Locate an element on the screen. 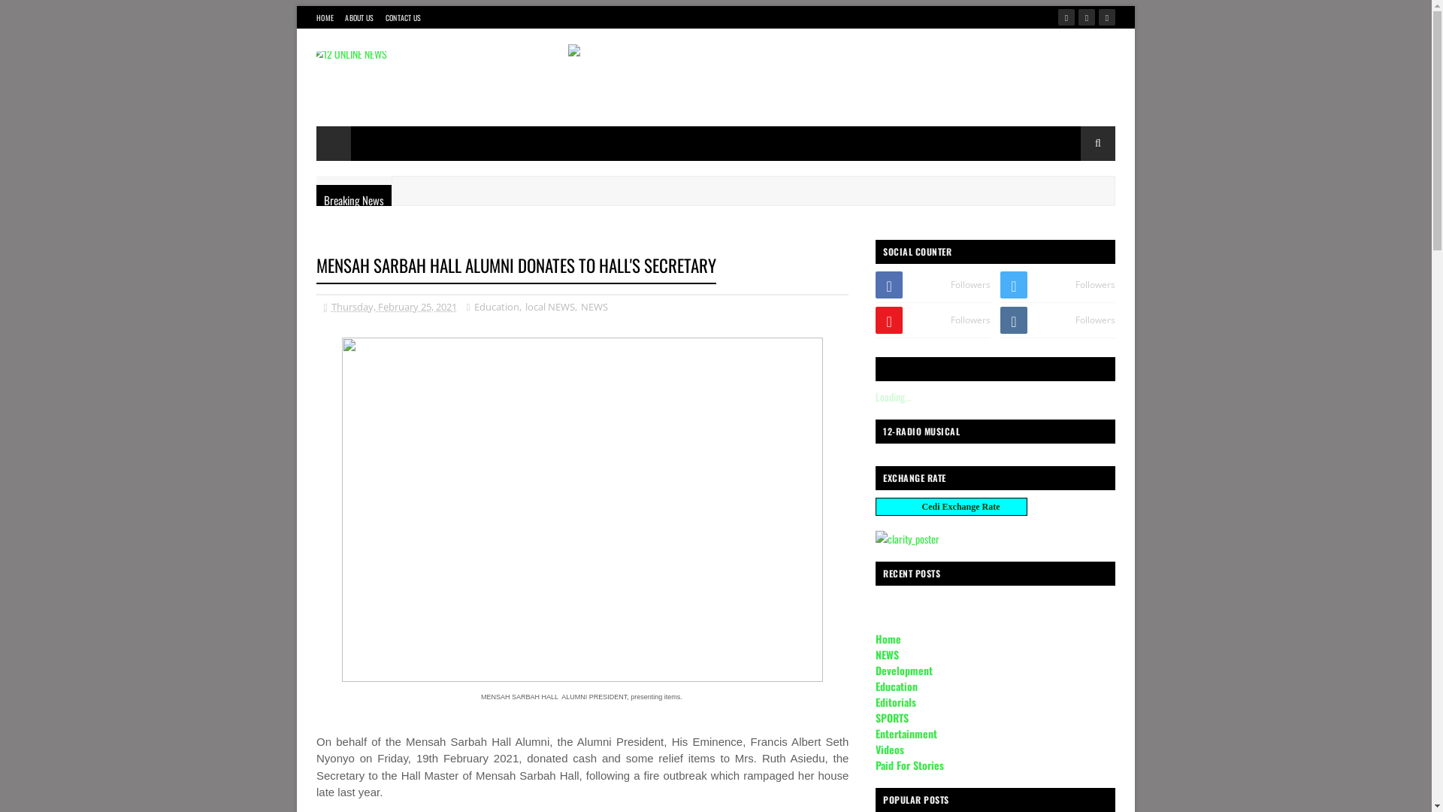 Image resolution: width=1443 pixels, height=812 pixels. 'ABOUT US' is located at coordinates (358, 17).